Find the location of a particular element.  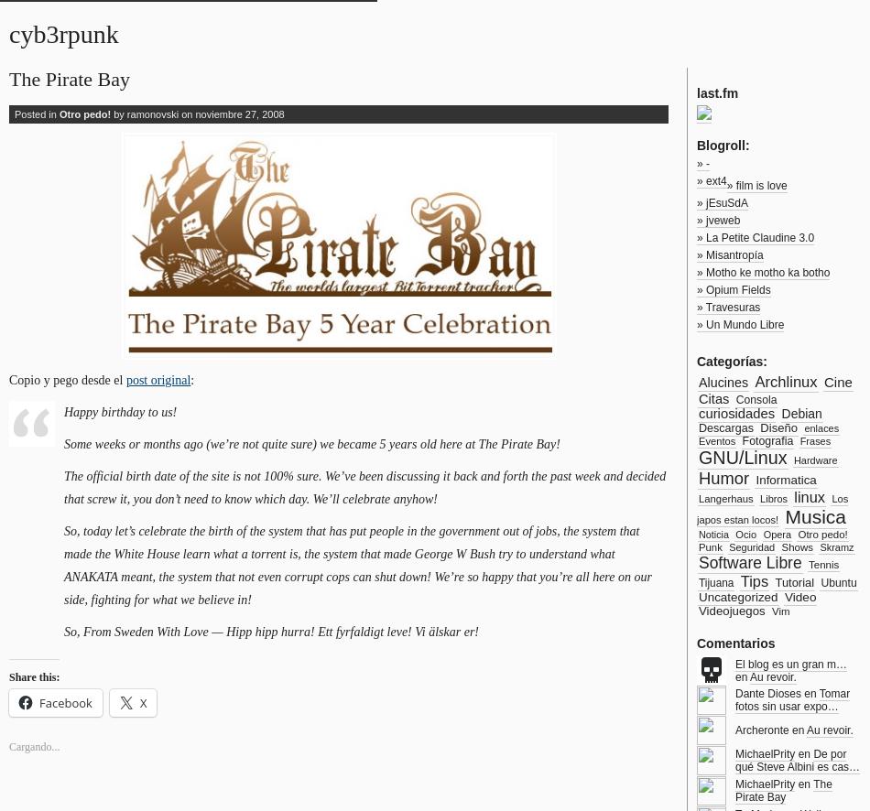

'So, From Sweden With Love — Hipp hipp hurra! Ett fyrfaldigt leve! Vi älskar er!' is located at coordinates (64, 631).